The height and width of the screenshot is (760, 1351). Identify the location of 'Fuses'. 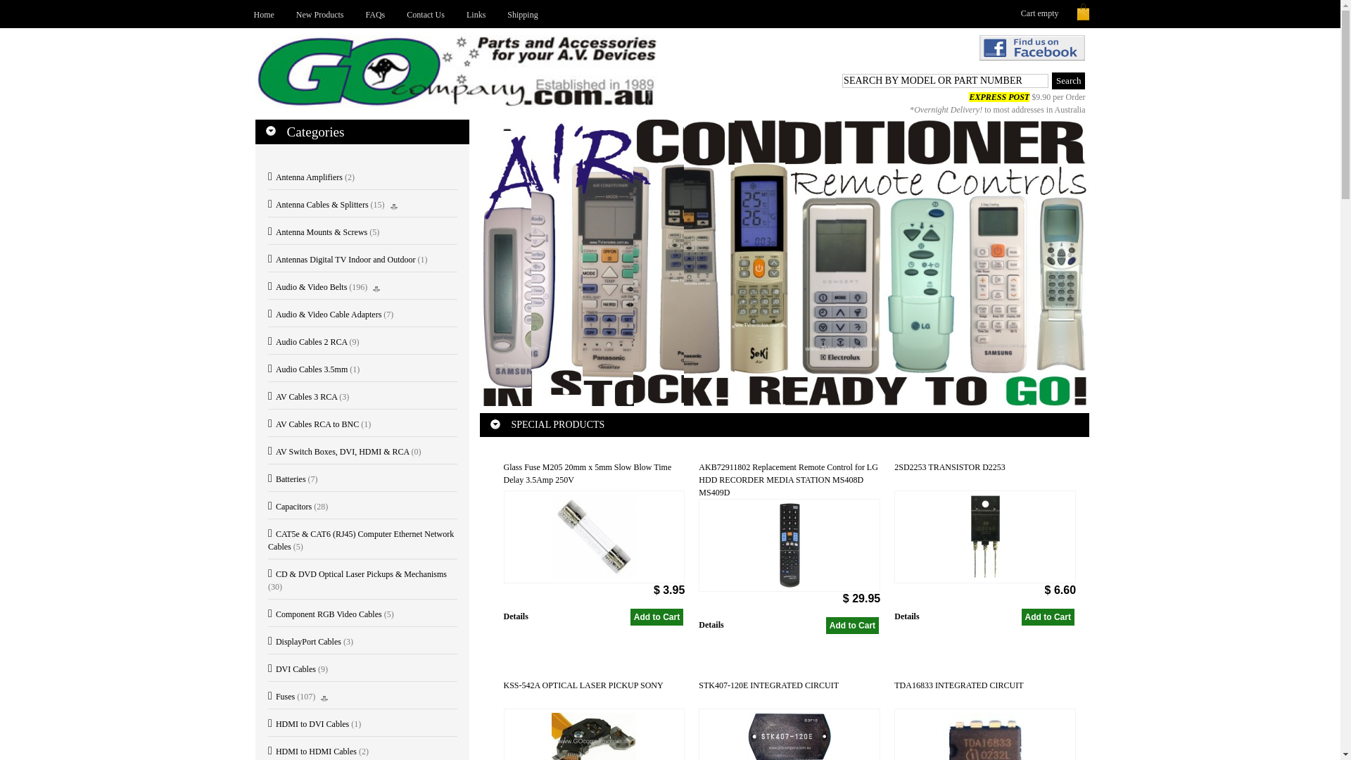
(281, 697).